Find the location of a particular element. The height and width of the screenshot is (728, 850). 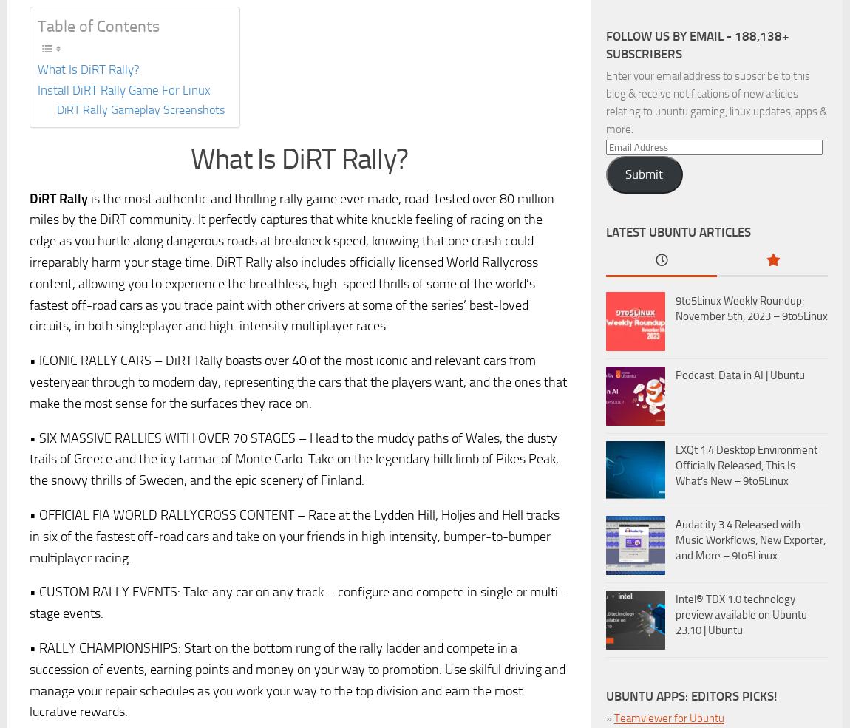

'Follow us by Email - 188,138+ subscribers' is located at coordinates (698, 44).